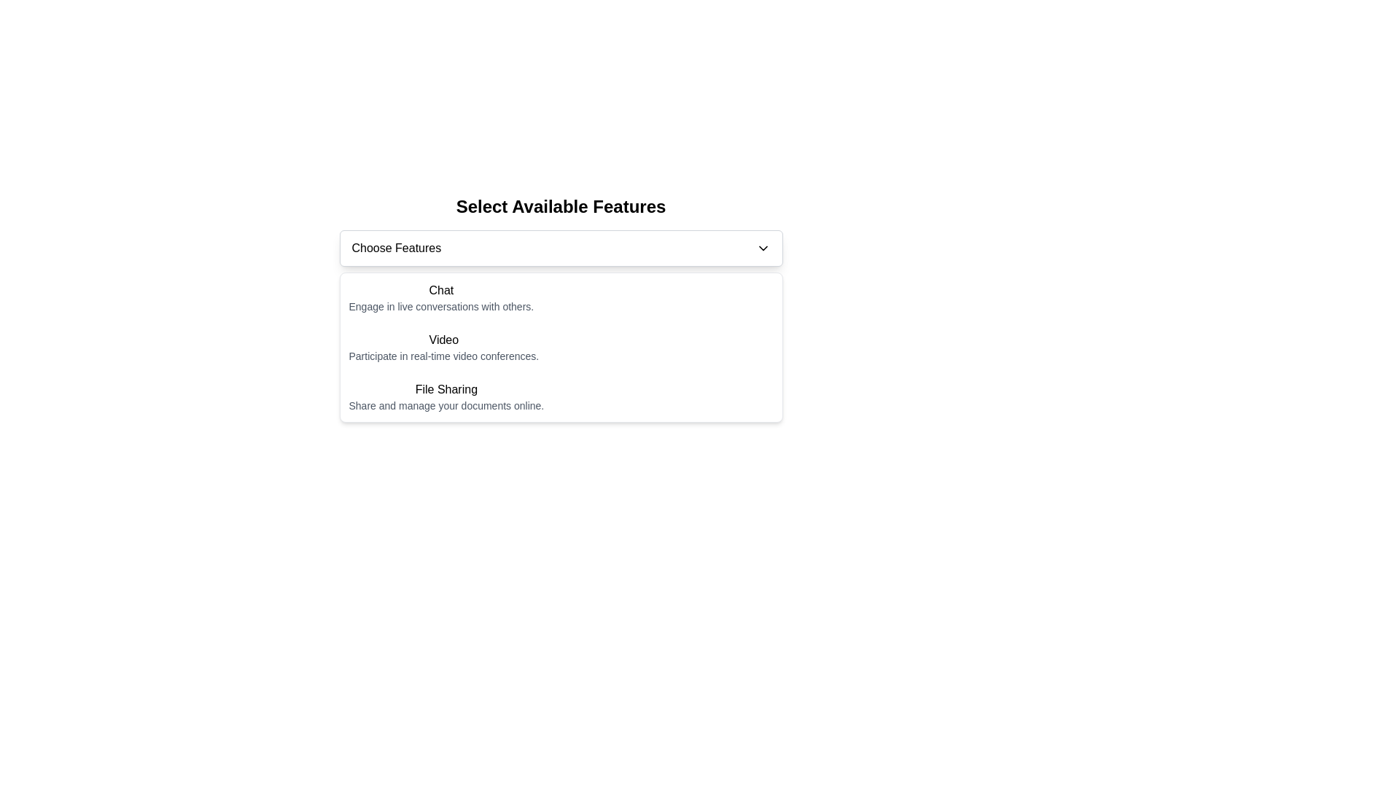 This screenshot has height=787, width=1400. What do you see at coordinates (440, 297) in the screenshot?
I see `the 'Chat' text block option in the settings menu, which serves as a descriptive label and is positioned below the 'Choose Features' dropdown and above 'Video'` at bounding box center [440, 297].